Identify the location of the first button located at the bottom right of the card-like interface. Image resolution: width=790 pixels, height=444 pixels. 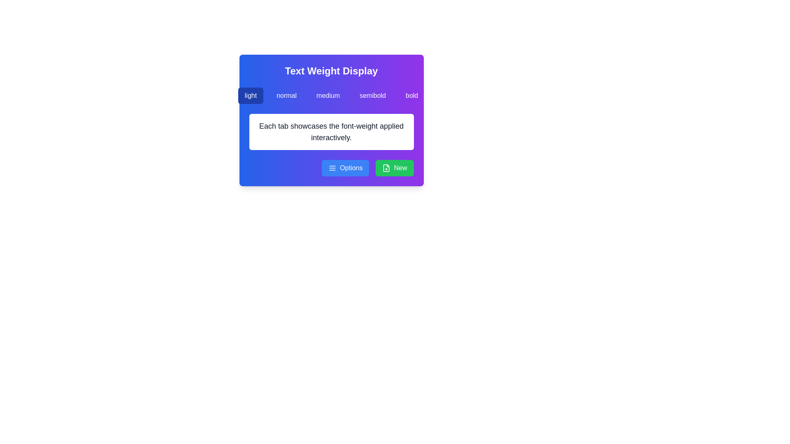
(346, 167).